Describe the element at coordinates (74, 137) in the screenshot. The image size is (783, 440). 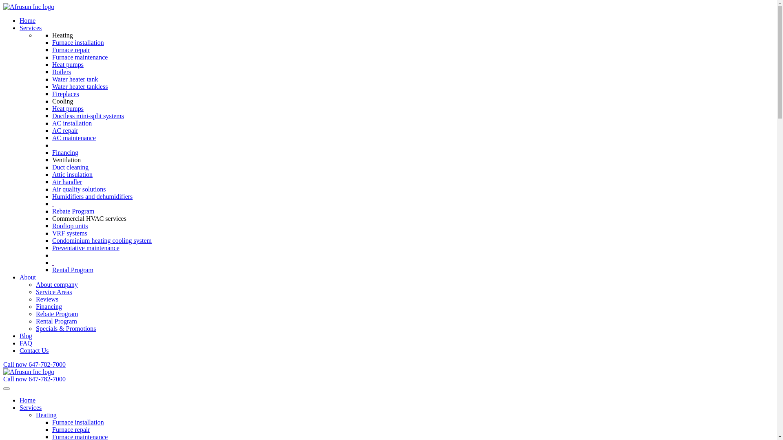
I see `'AC maintenance'` at that location.